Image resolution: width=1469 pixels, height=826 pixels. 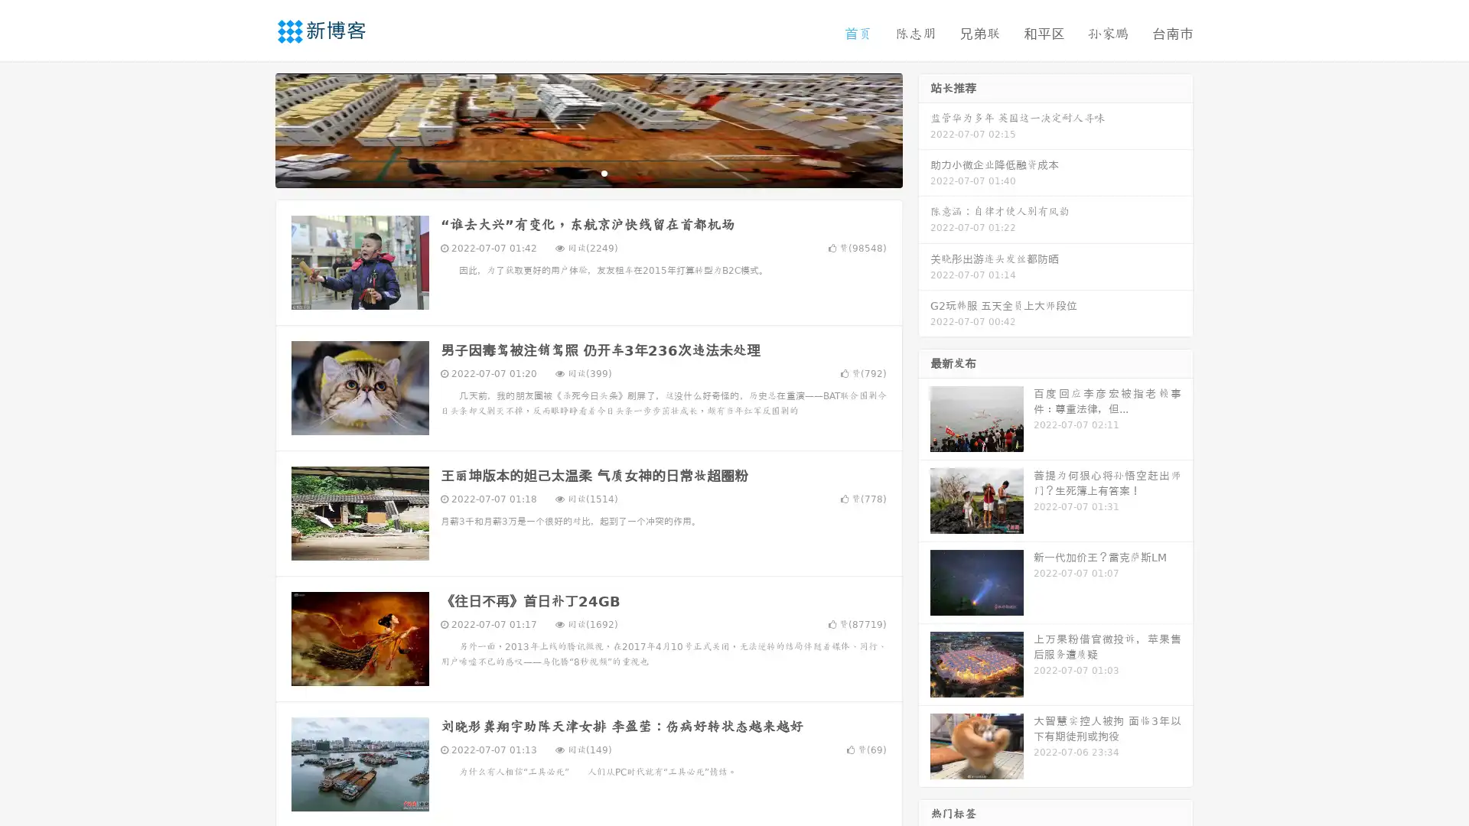 I want to click on Go to slide 3, so click(x=604, y=172).